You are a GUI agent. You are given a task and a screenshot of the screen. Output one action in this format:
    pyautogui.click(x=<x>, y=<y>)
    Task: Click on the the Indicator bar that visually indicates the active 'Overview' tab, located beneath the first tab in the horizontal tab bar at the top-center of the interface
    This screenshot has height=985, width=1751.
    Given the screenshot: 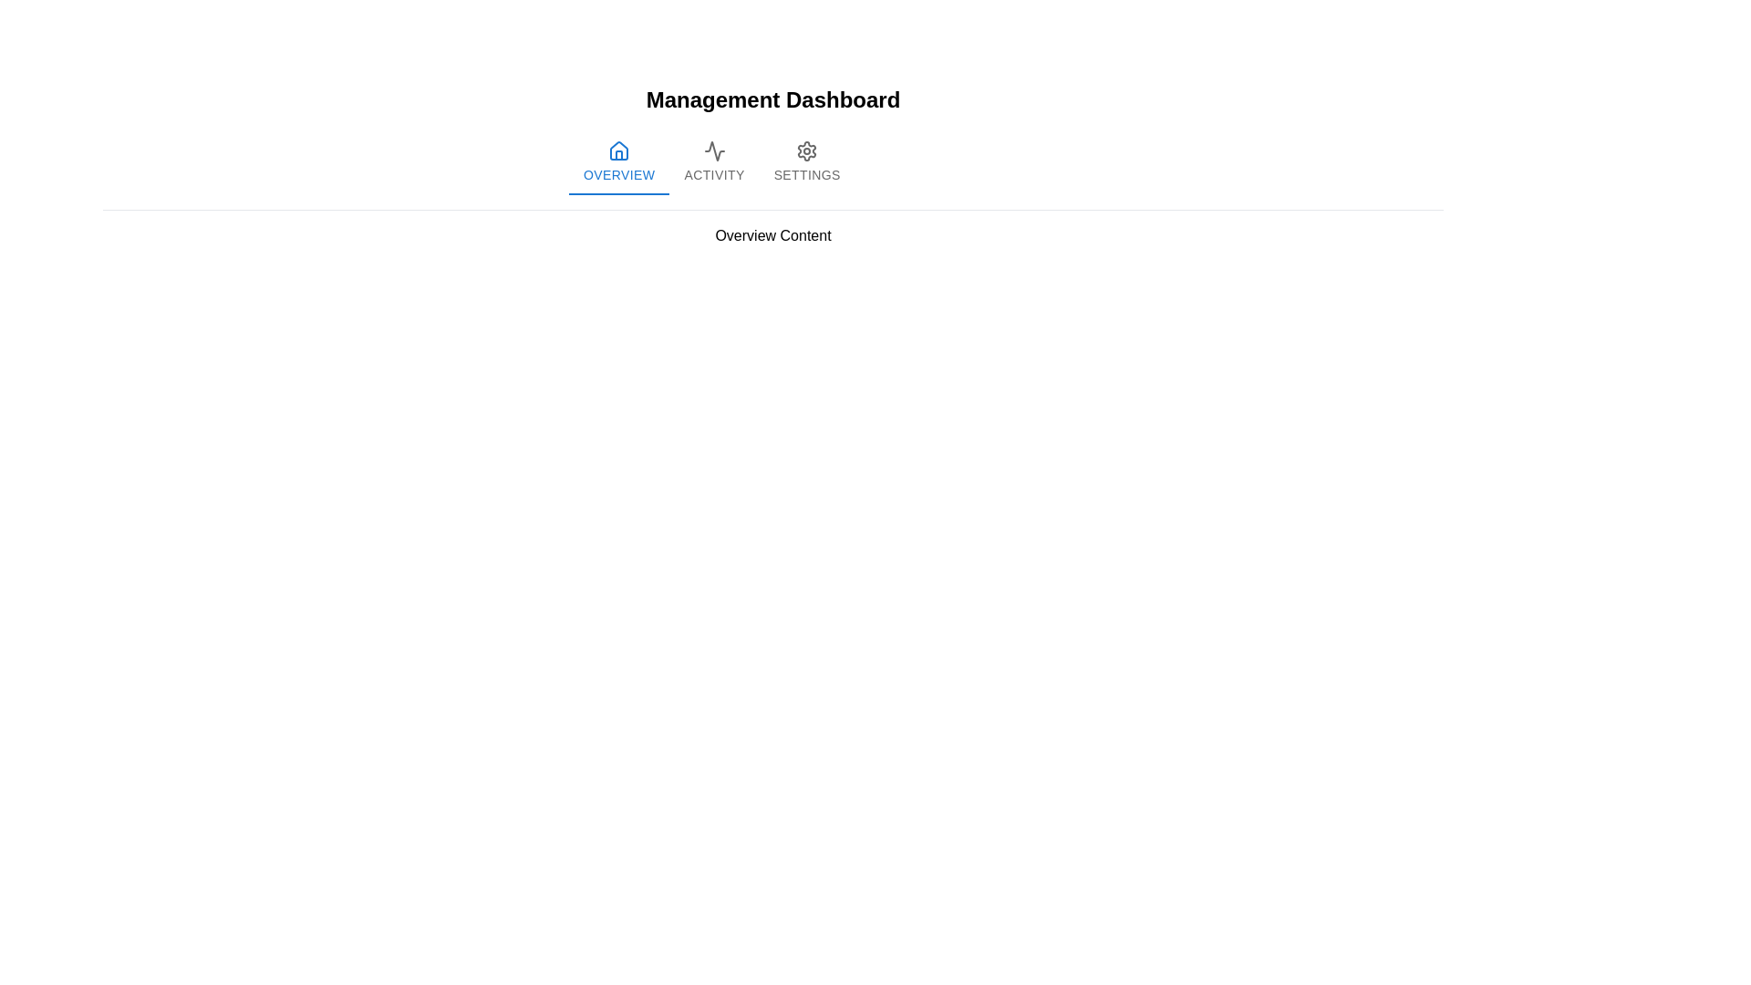 What is the action you would take?
    pyautogui.click(x=619, y=193)
    